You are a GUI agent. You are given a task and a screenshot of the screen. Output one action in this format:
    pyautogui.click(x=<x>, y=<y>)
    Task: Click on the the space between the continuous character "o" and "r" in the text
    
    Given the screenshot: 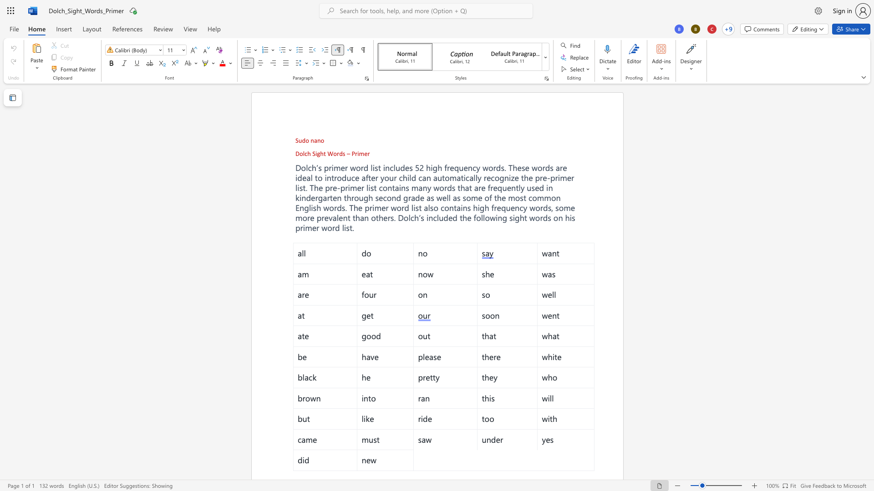 What is the action you would take?
    pyautogui.click(x=336, y=153)
    